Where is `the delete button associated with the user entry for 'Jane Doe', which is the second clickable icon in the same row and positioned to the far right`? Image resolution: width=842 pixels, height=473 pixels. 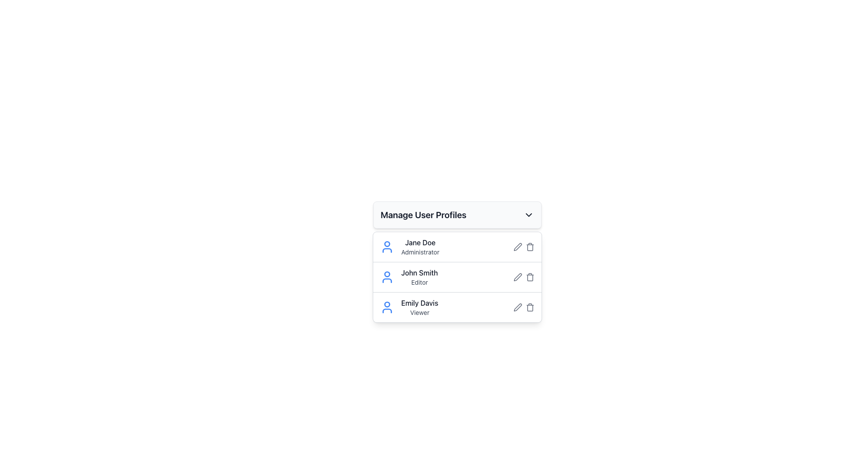
the delete button associated with the user entry for 'Jane Doe', which is the second clickable icon in the same row and positioned to the far right is located at coordinates (530, 247).